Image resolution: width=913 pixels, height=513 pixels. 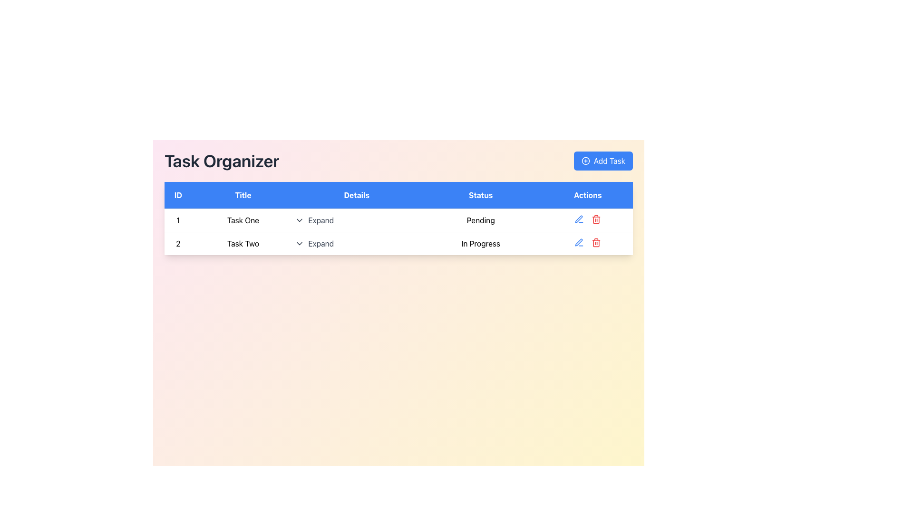 I want to click on to select the first task entry row in the task organizer table, which contains task ID, title, status, and action icons, so click(x=398, y=220).